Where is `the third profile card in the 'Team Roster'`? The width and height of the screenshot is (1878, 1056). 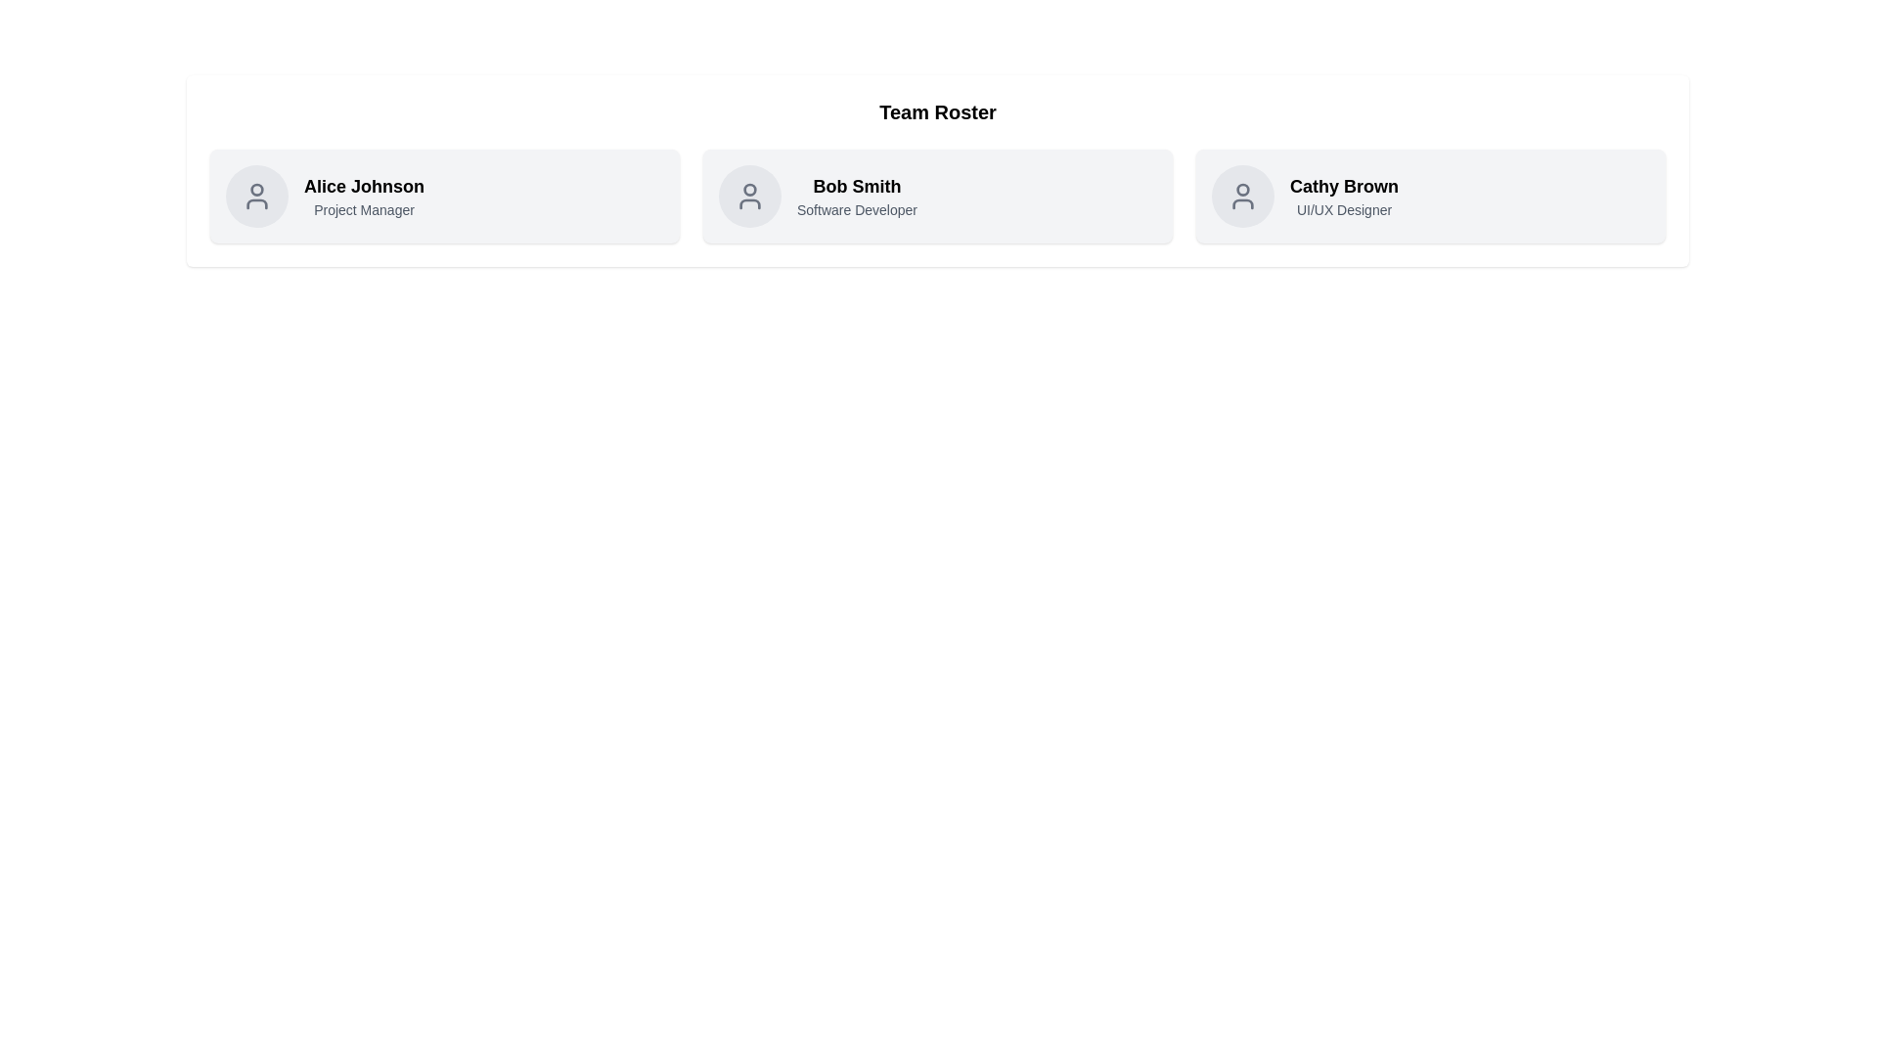
the third profile card in the 'Team Roster' is located at coordinates (1431, 196).